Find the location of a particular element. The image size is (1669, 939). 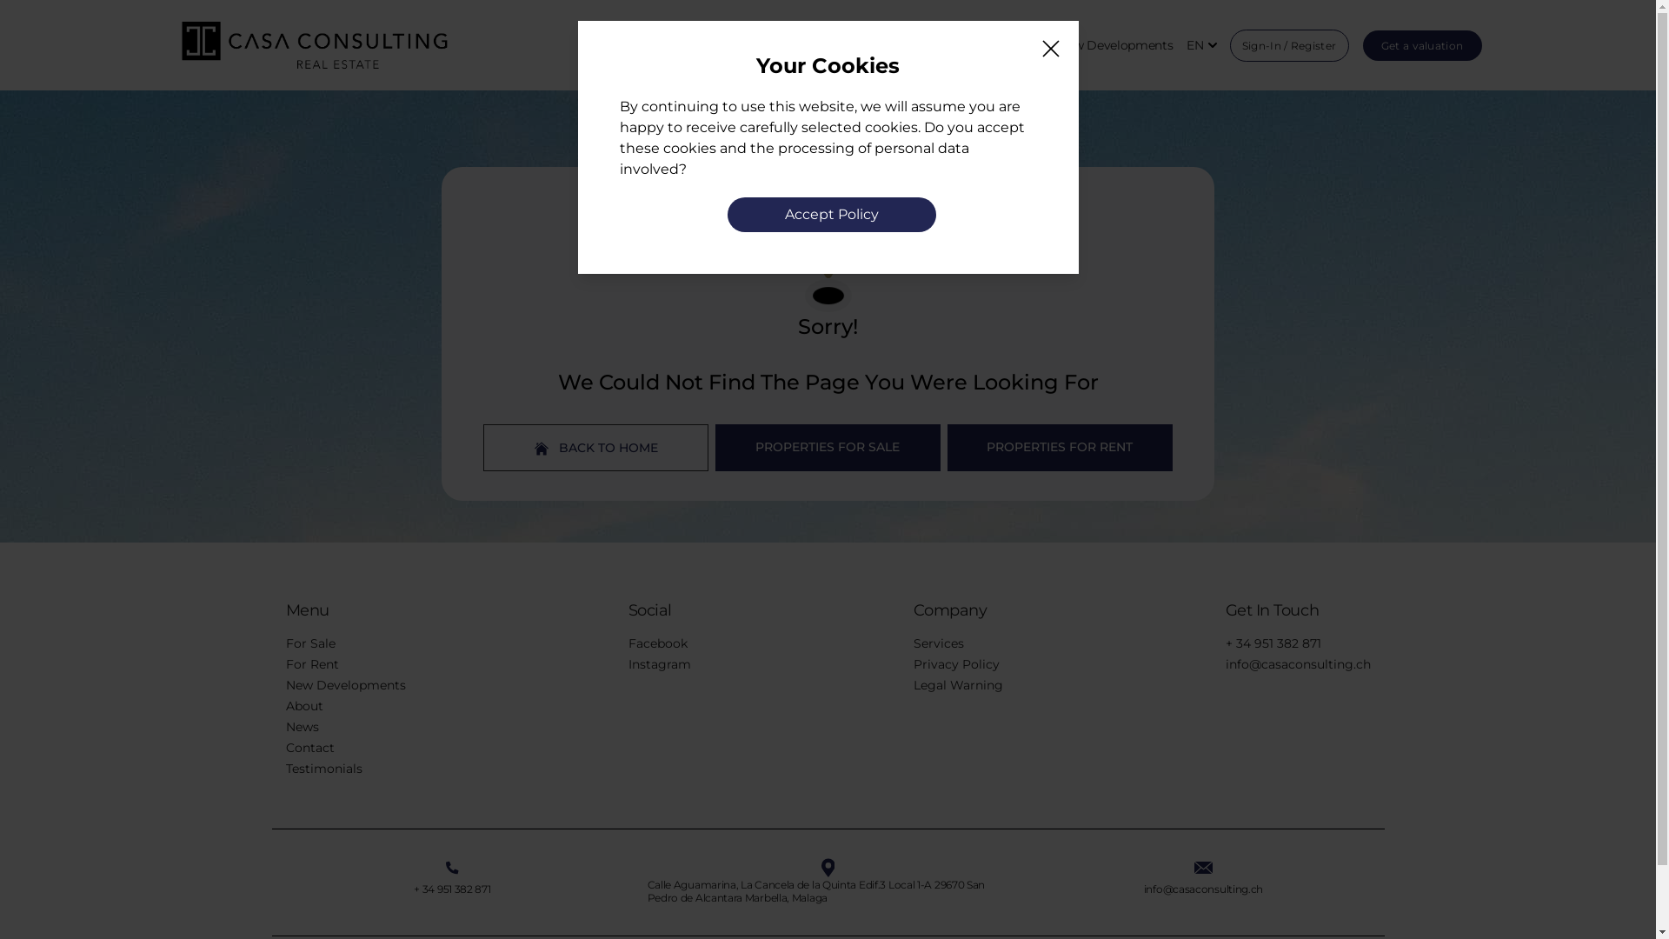

'Testimonials' is located at coordinates (323, 767).